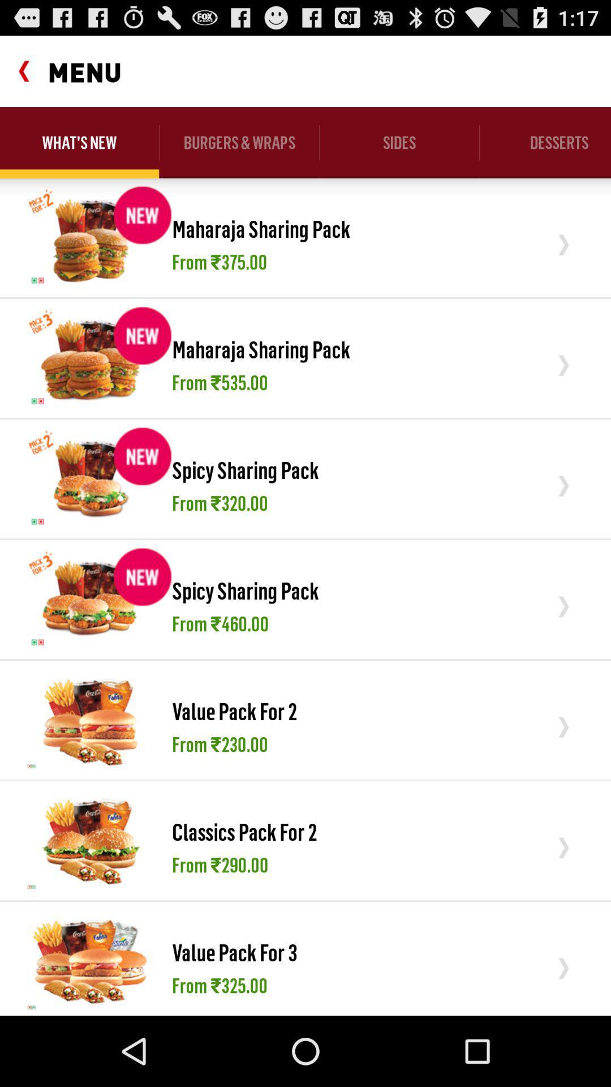 Image resolution: width=611 pixels, height=1087 pixels. Describe the element at coordinates (90, 719) in the screenshot. I see `item next to value pack for item` at that location.